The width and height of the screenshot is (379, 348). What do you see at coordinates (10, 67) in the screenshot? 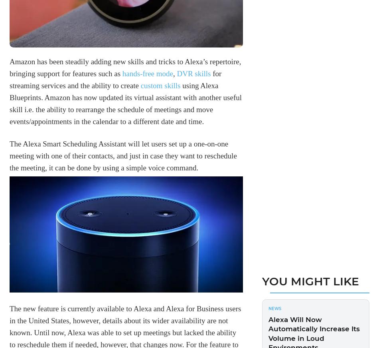
I see `'Amazon has been steadily adding new skills and tricks to Alexa’s repertoire, bringing support for features such as'` at bounding box center [10, 67].